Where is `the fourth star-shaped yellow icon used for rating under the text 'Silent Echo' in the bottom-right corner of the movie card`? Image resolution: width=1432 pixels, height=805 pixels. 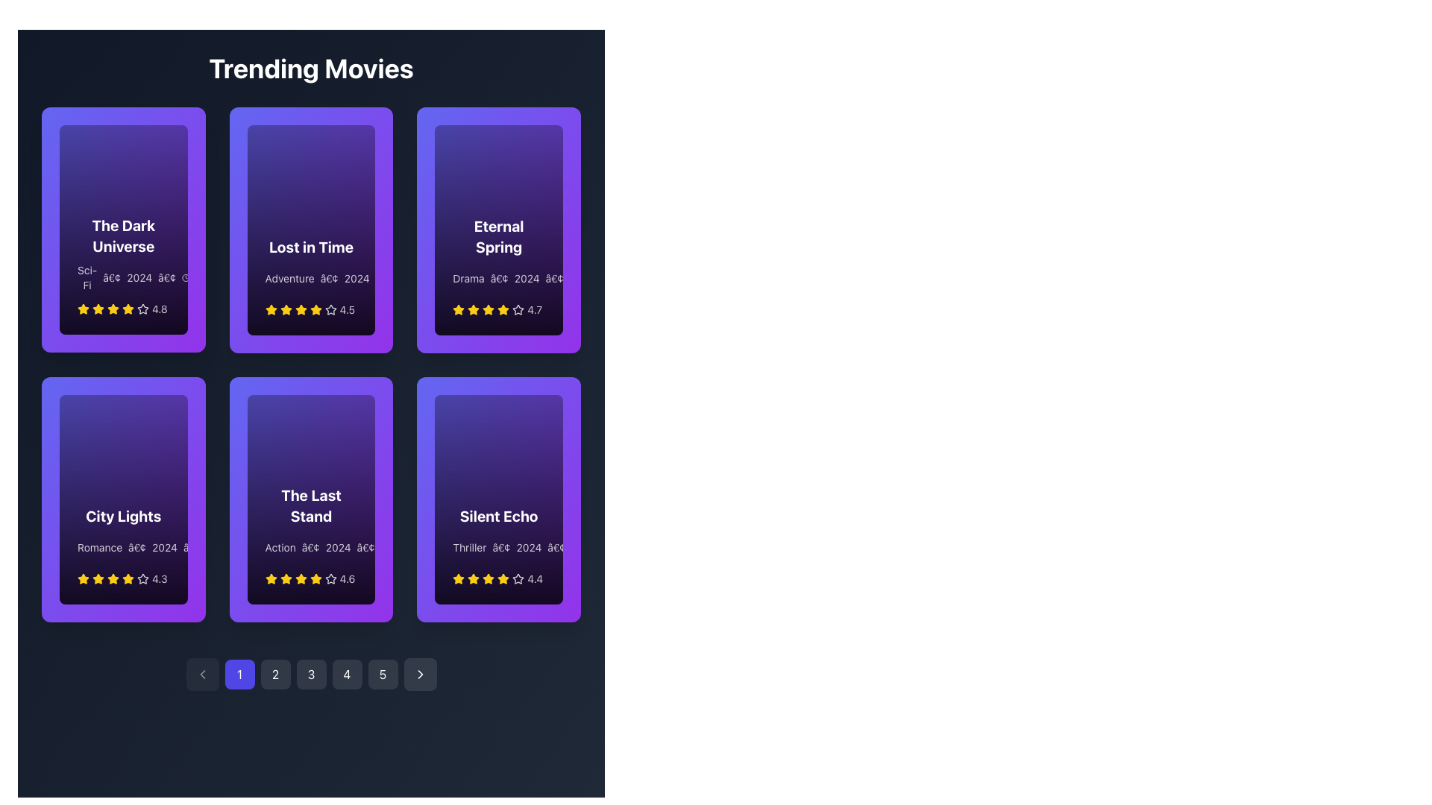
the fourth star-shaped yellow icon used for rating under the text 'Silent Echo' in the bottom-right corner of the movie card is located at coordinates (489, 578).